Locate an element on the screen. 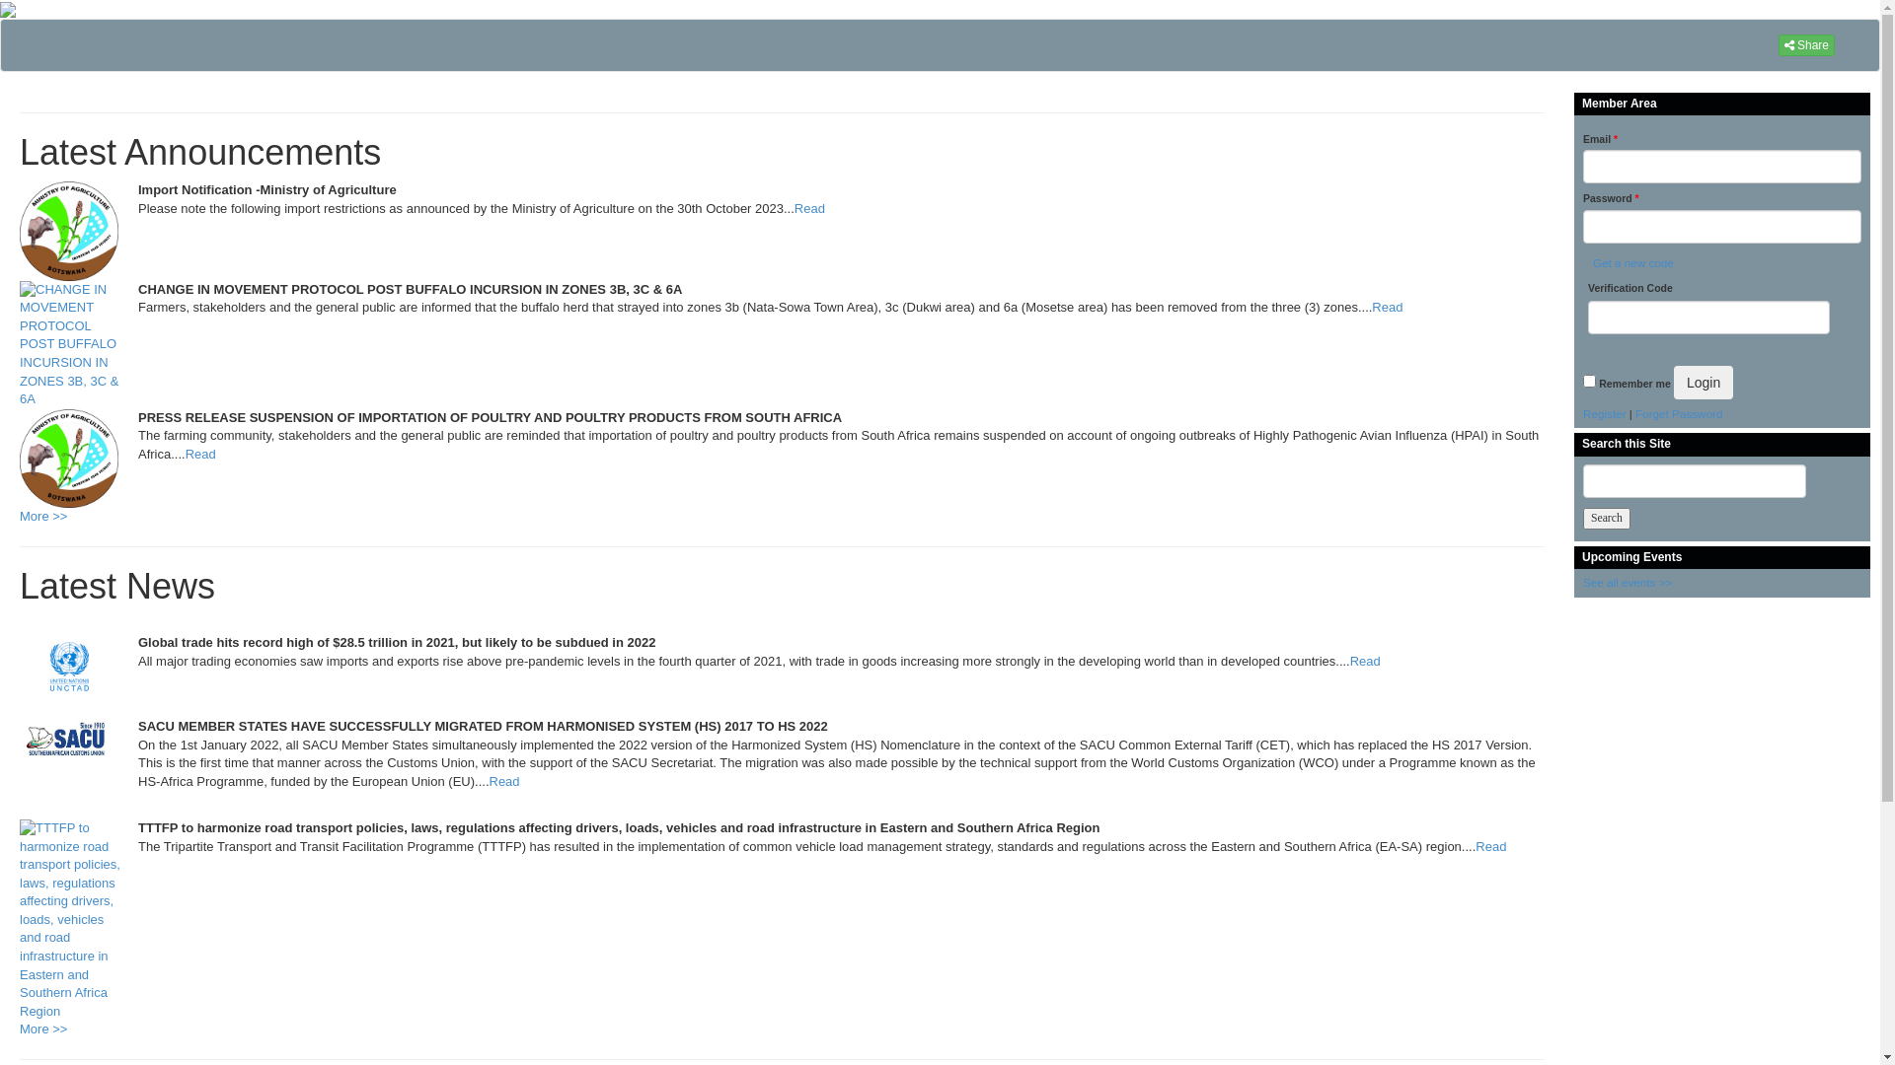 The height and width of the screenshot is (1065, 1895). 'See all events >>' is located at coordinates (1582, 581).